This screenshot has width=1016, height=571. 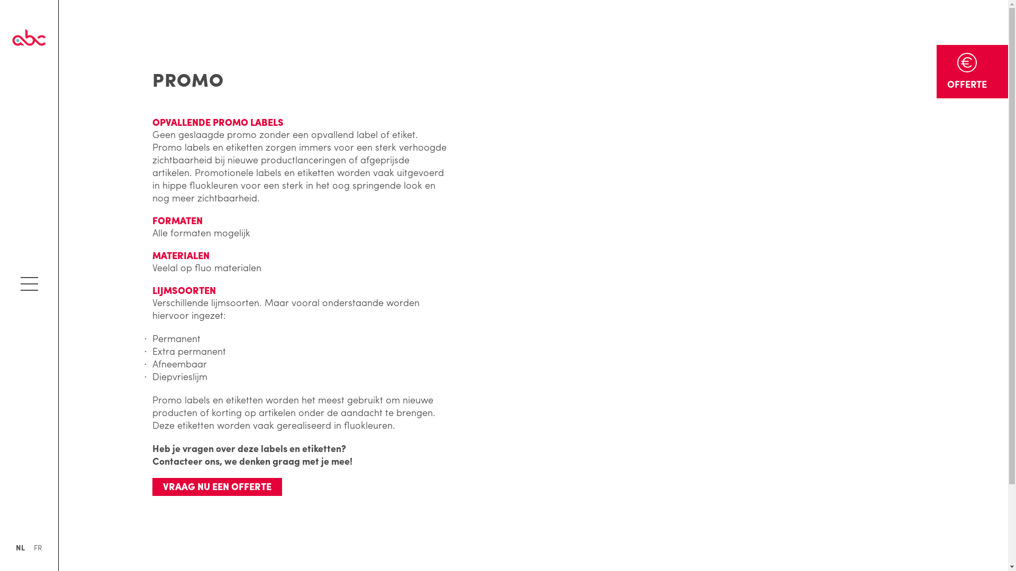 What do you see at coordinates (972, 71) in the screenshot?
I see `'OFFERTE'` at bounding box center [972, 71].